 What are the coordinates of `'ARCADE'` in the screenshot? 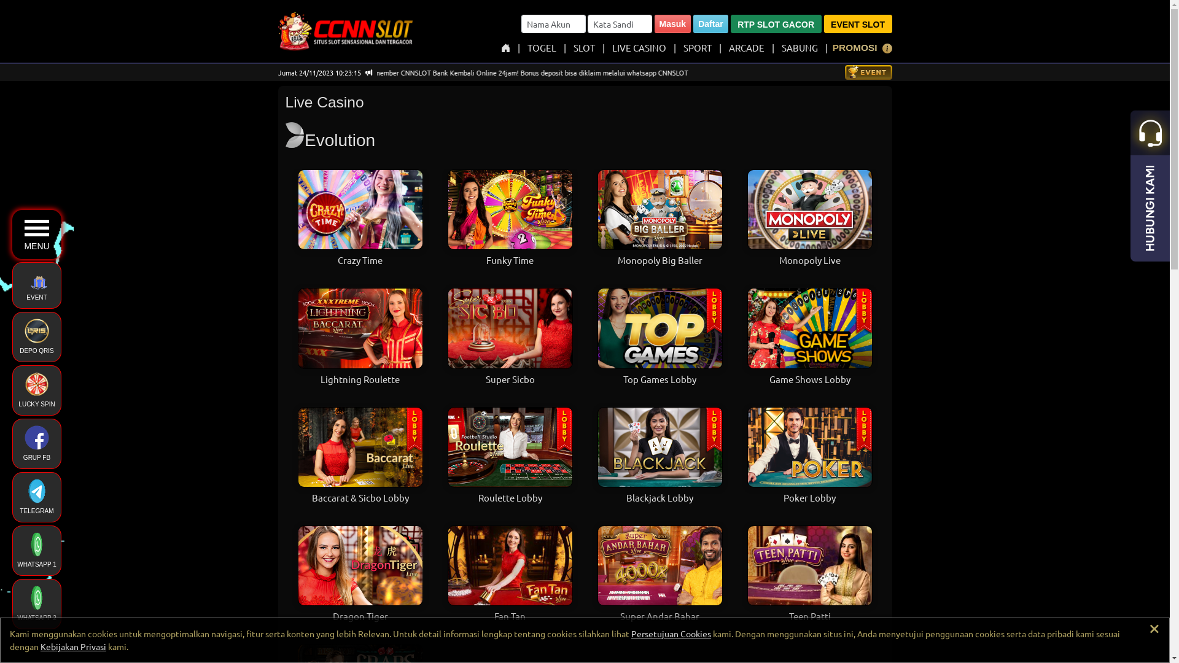 It's located at (745, 47).